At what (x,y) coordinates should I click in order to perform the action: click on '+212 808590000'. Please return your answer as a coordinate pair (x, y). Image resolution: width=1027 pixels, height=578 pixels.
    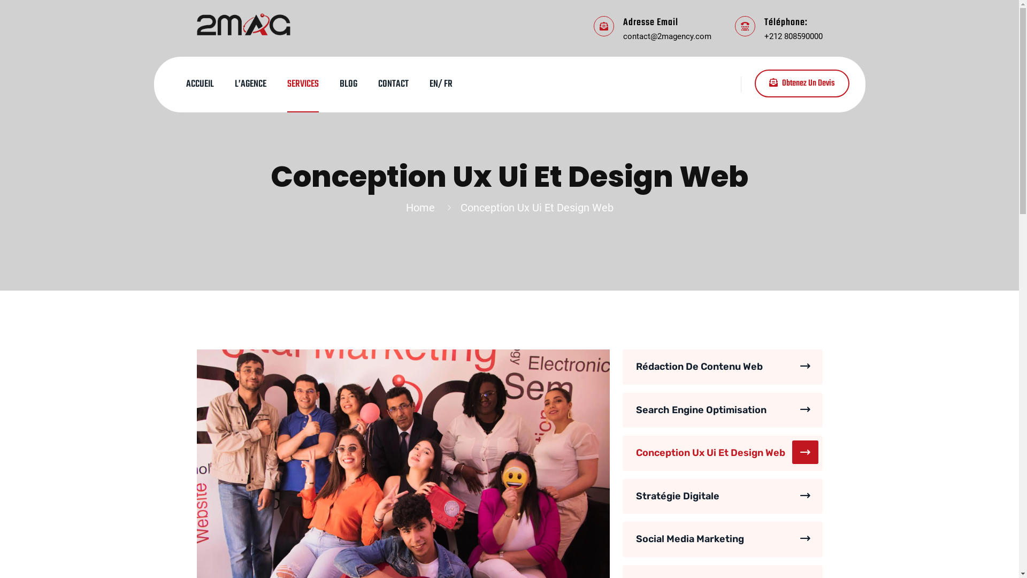
    Looking at the image, I should click on (793, 35).